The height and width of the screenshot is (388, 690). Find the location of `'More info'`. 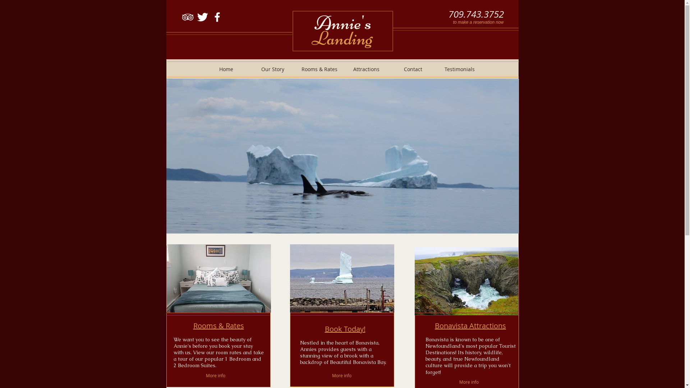

'More info' is located at coordinates (215, 375).